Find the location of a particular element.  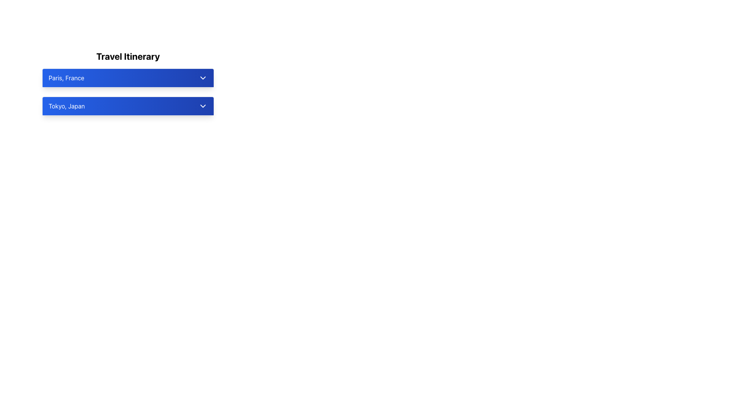

the Dropdown menu button located below the blue button labeled 'Paris, France' is located at coordinates (128, 106).